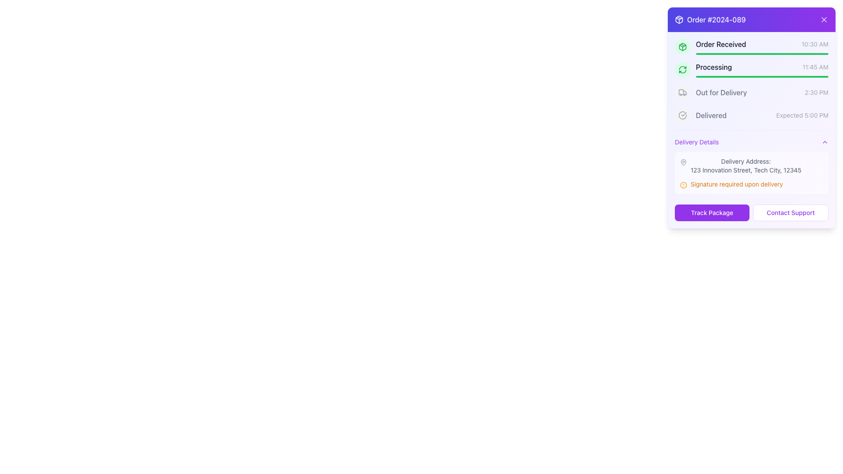 Image resolution: width=843 pixels, height=474 pixels. I want to click on the status indicator showing 'Out, so click(751, 93).